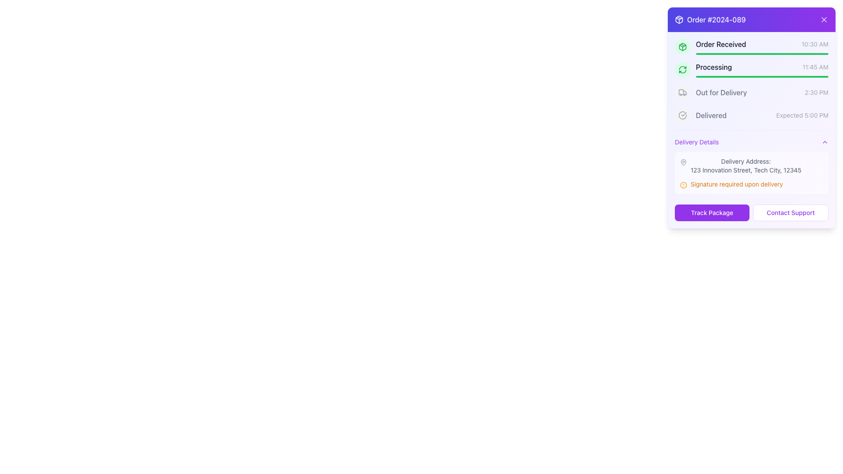 Image resolution: width=843 pixels, height=474 pixels. I want to click on the status indicator showing 'Out, so click(751, 93).